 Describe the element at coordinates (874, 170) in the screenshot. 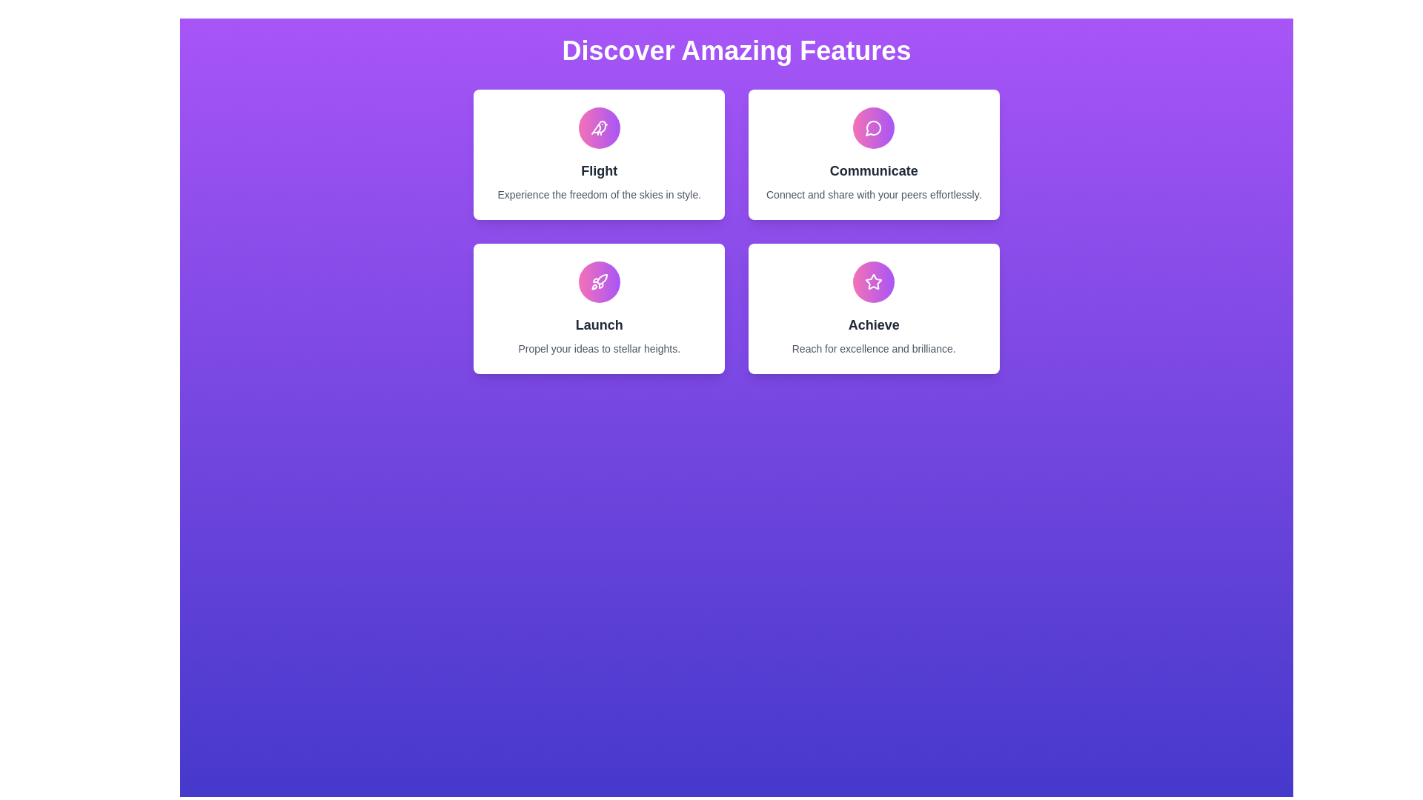

I see `the text label located in the top-right card section of the interface` at that location.